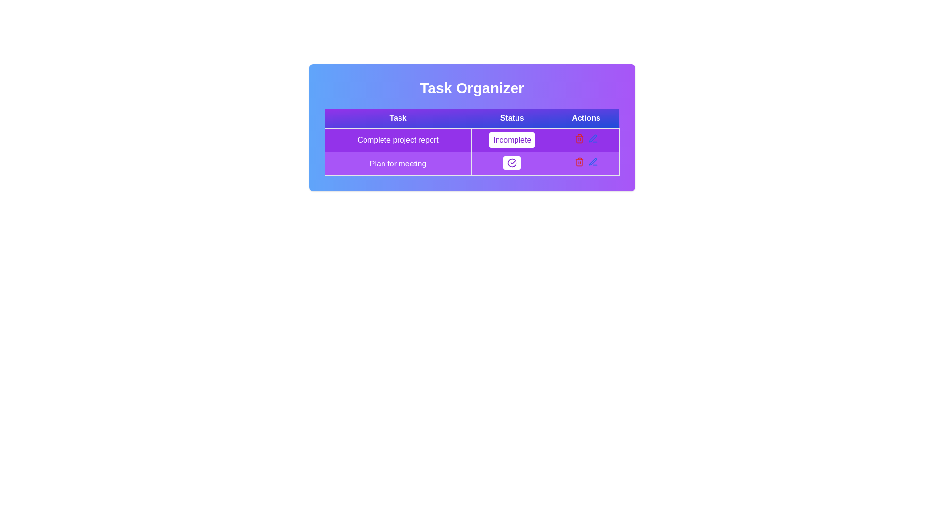  What do you see at coordinates (512, 163) in the screenshot?
I see `the button in the second row under the 'Status' column` at bounding box center [512, 163].